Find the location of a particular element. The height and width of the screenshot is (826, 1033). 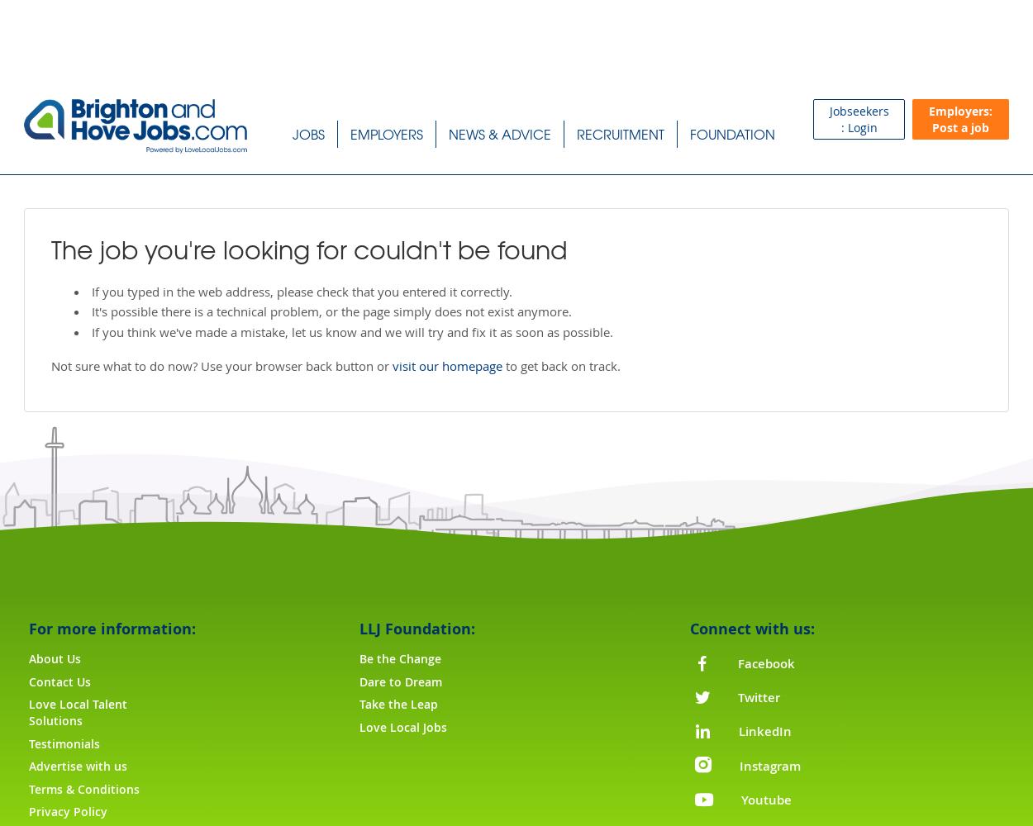

'Not sure what to do now? Use your browser back button or' is located at coordinates (221, 364).